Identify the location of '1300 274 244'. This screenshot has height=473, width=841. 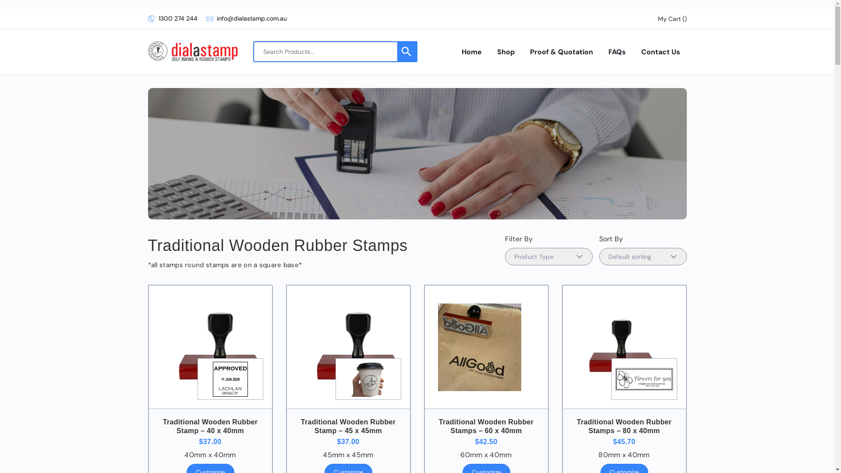
(173, 18).